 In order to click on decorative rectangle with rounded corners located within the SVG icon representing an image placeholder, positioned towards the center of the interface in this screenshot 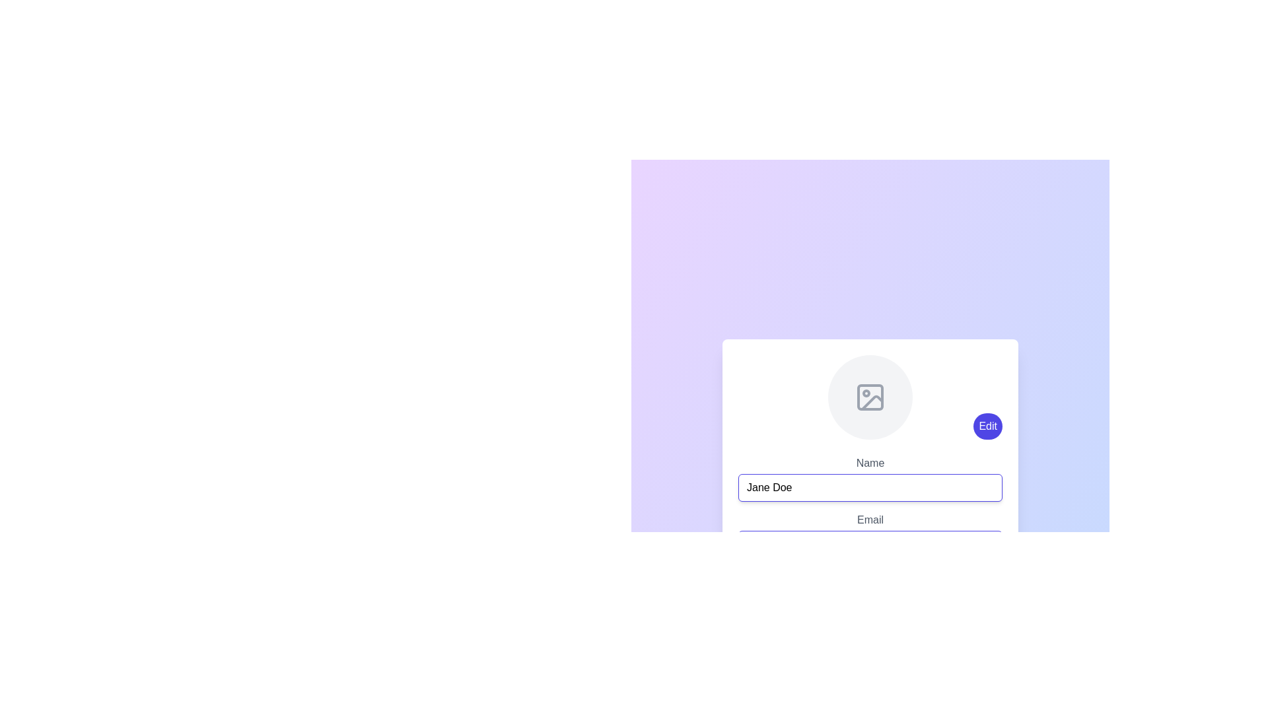, I will do `click(870, 396)`.